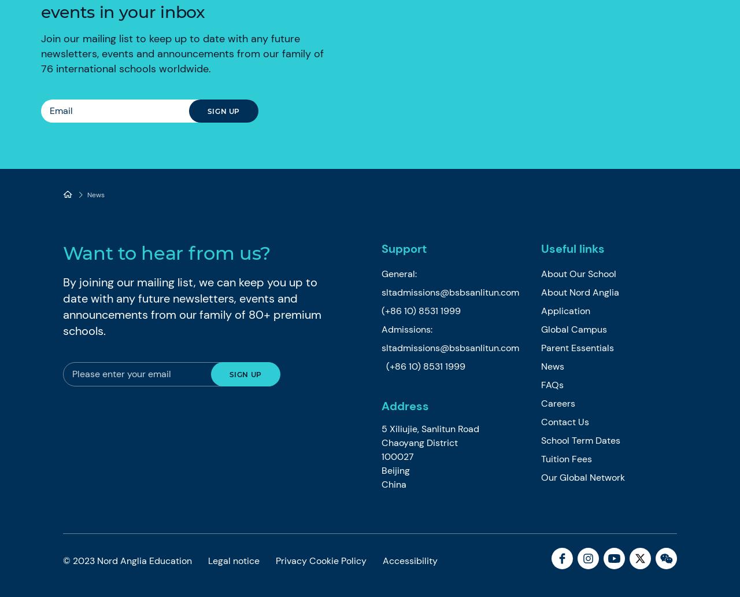  What do you see at coordinates (128, 559) in the screenshot?
I see `'© 2023 Nord Anglia Education'` at bounding box center [128, 559].